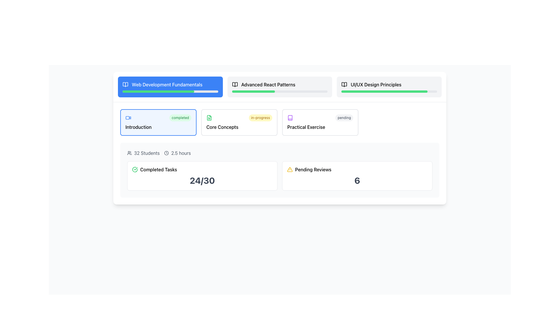 The width and height of the screenshot is (555, 312). I want to click on the 'Core Concepts' module in the interactive course layout to trigger a tooltip or highlight, so click(239, 122).